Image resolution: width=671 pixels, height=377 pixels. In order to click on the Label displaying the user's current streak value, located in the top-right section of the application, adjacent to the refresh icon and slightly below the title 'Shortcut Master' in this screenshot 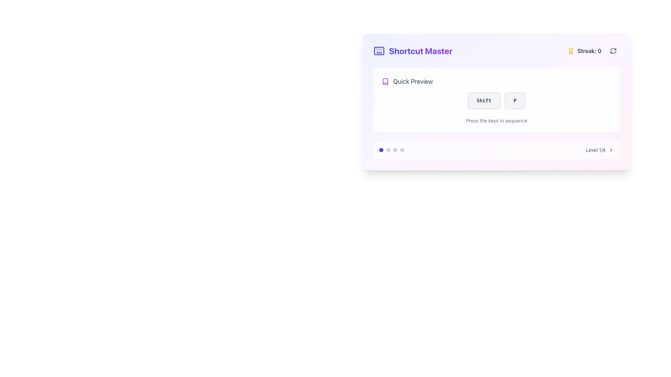, I will do `click(584, 51)`.